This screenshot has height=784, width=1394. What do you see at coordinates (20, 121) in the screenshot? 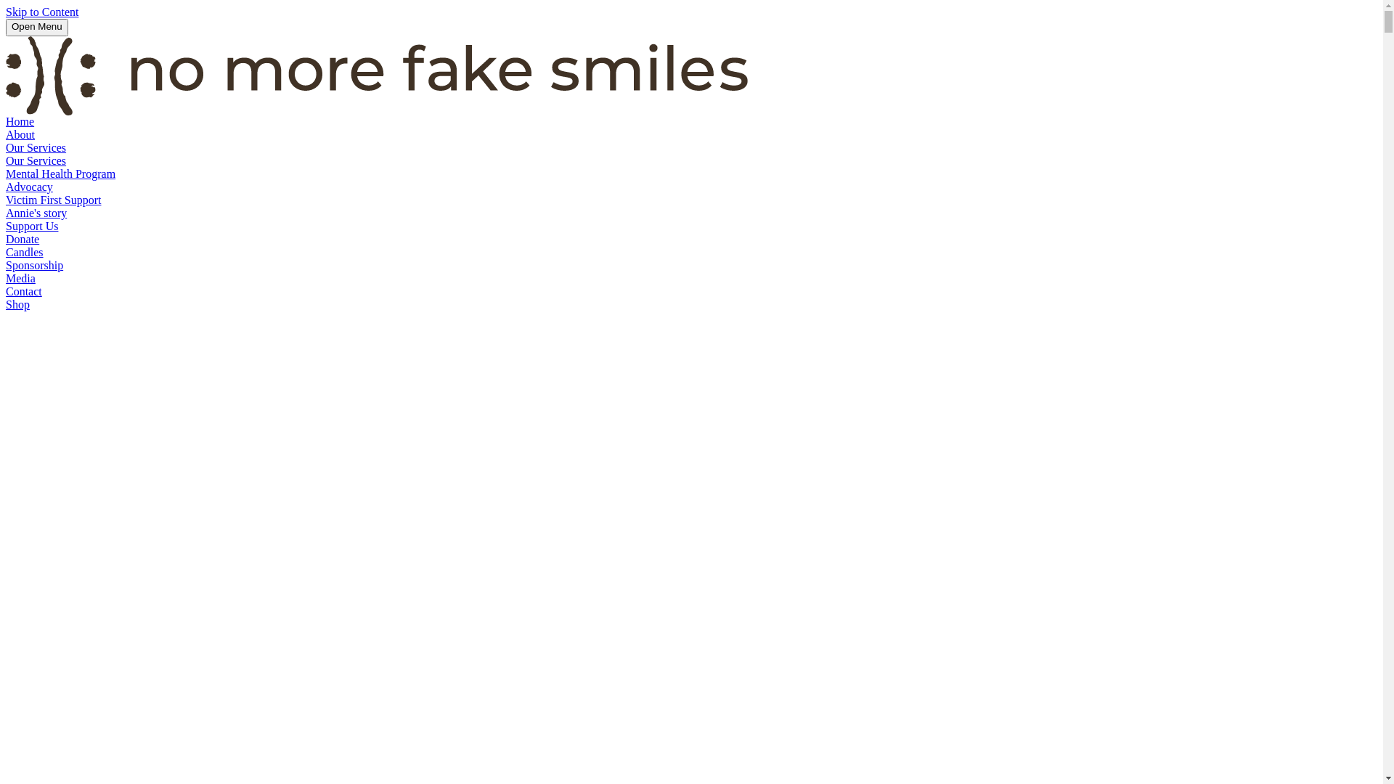
I see `'Home'` at bounding box center [20, 121].